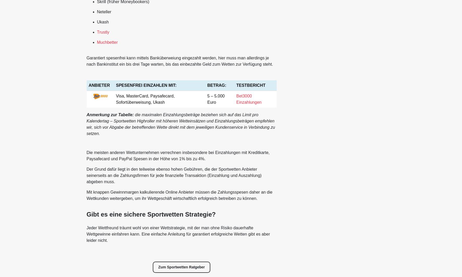  What do you see at coordinates (179, 61) in the screenshot?
I see `'Garantiert spesenfrei kann mittels Banküberweiung eingezahlt werden, hier muss man allerdings je nach Bankinstitut ein bis drei Tage warten, bis das einbezahlte Geld zum Wetten zur Verfügung steht.'` at bounding box center [179, 61].